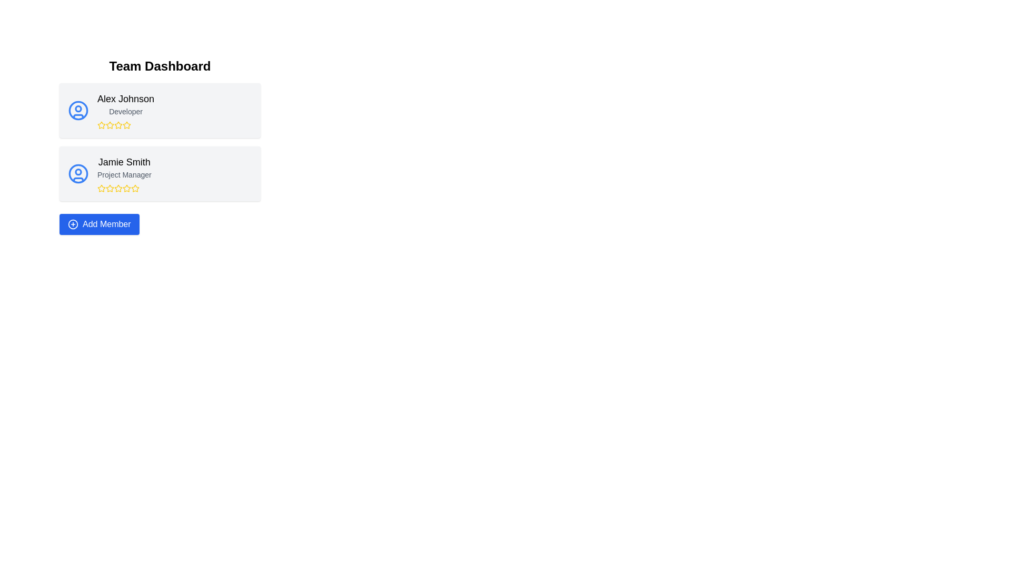  What do you see at coordinates (126, 124) in the screenshot?
I see `the second rating star in the card labeled 'Alex Johnson' on the 'Team Dashboard'` at bounding box center [126, 124].